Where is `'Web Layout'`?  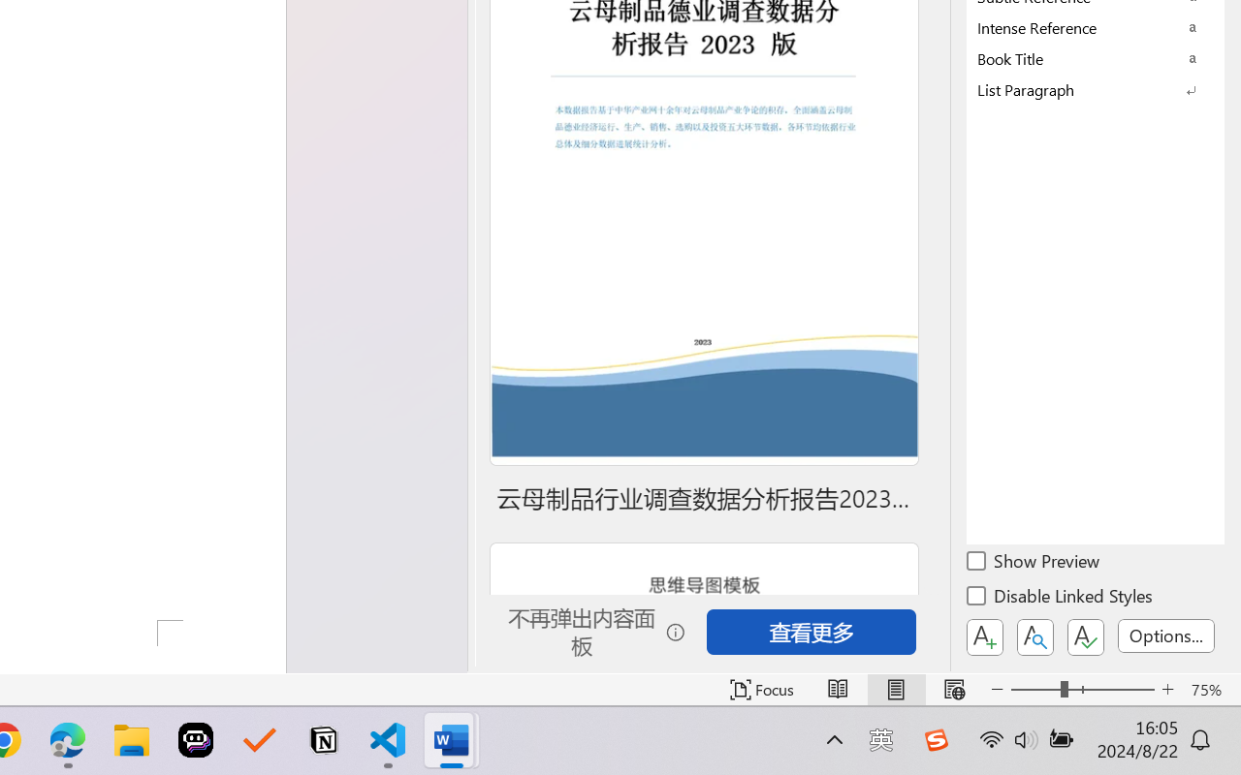
'Web Layout' is located at coordinates (954, 689).